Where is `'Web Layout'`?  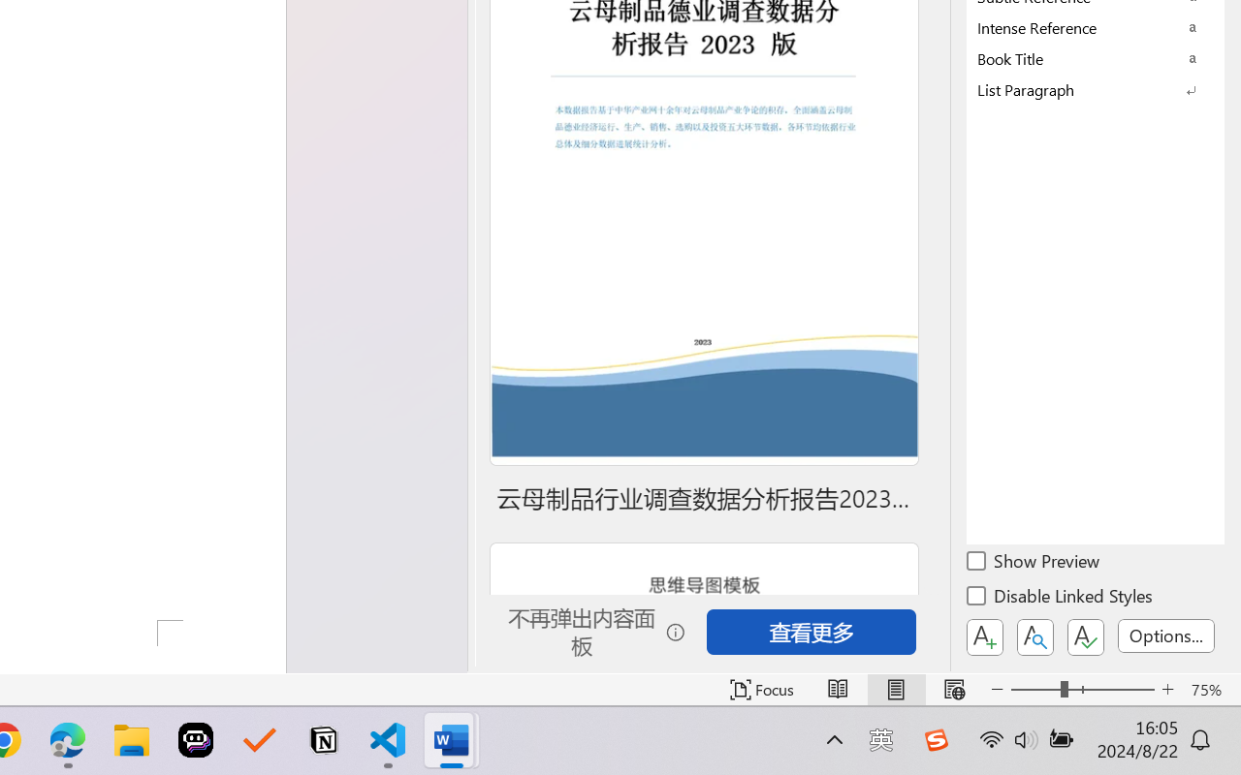
'Web Layout' is located at coordinates (954, 689).